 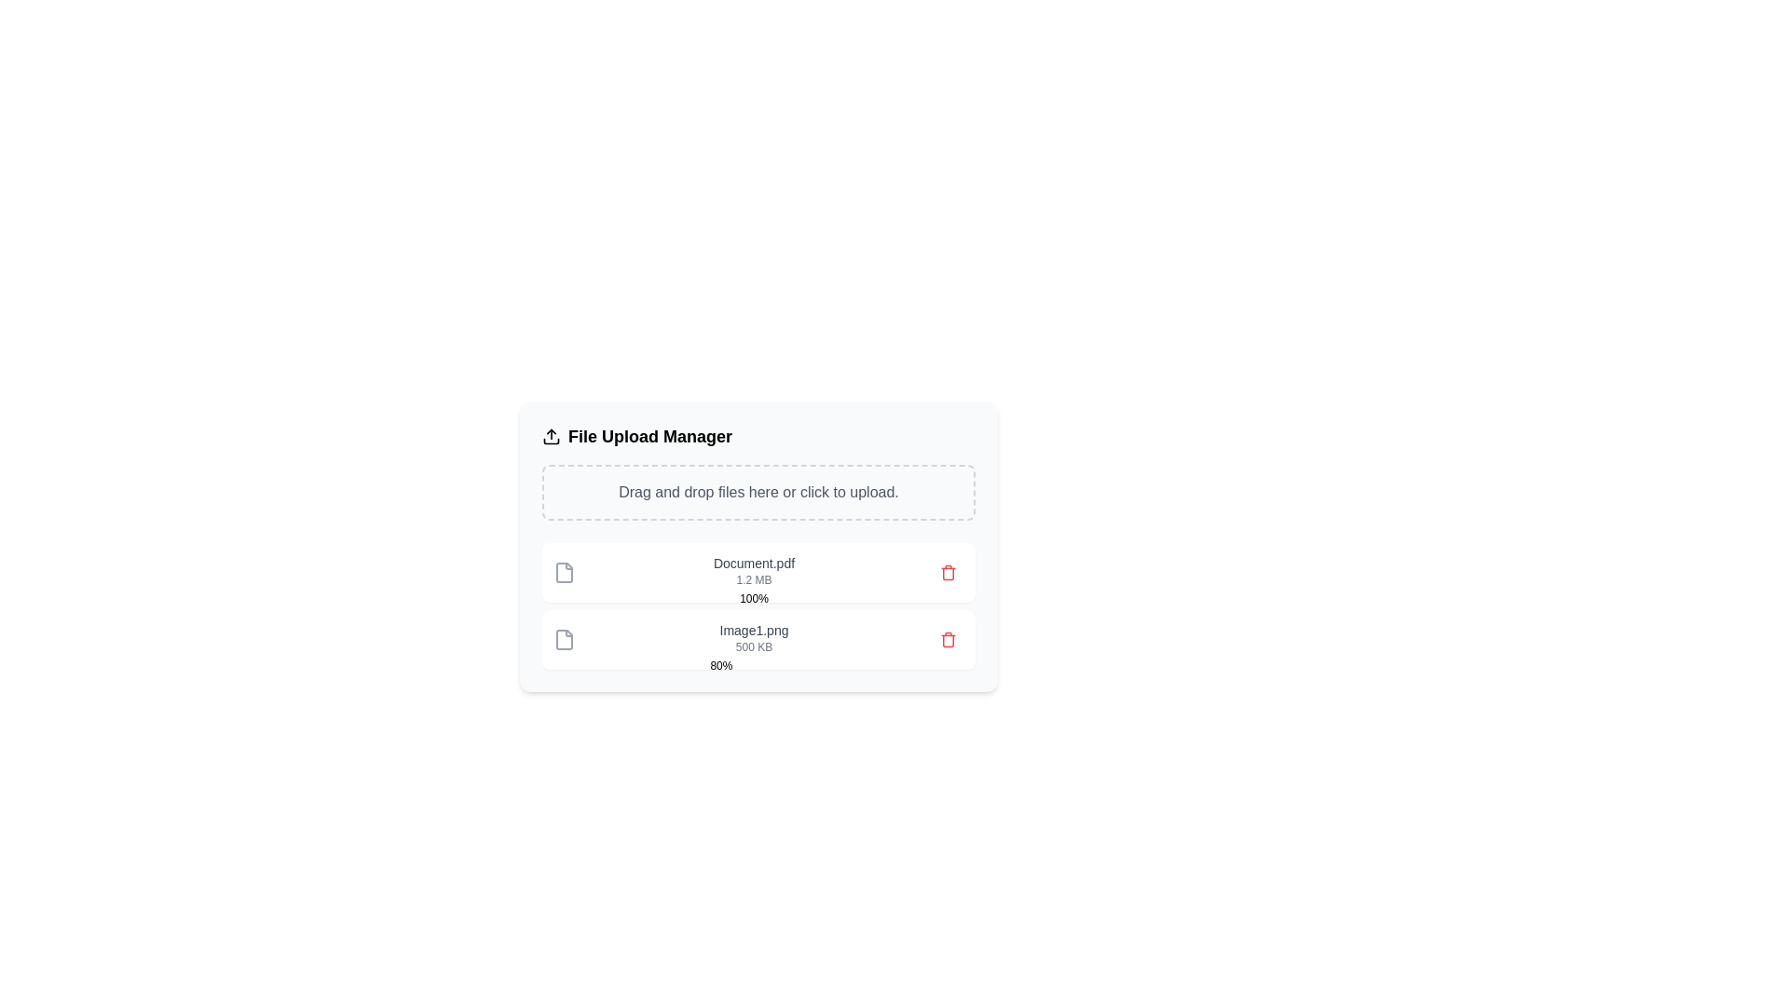 I want to click on the icon representing the file type for 'Document.pdf' located in the top-left corner of the file item box in the file manager interface, so click(x=563, y=571).